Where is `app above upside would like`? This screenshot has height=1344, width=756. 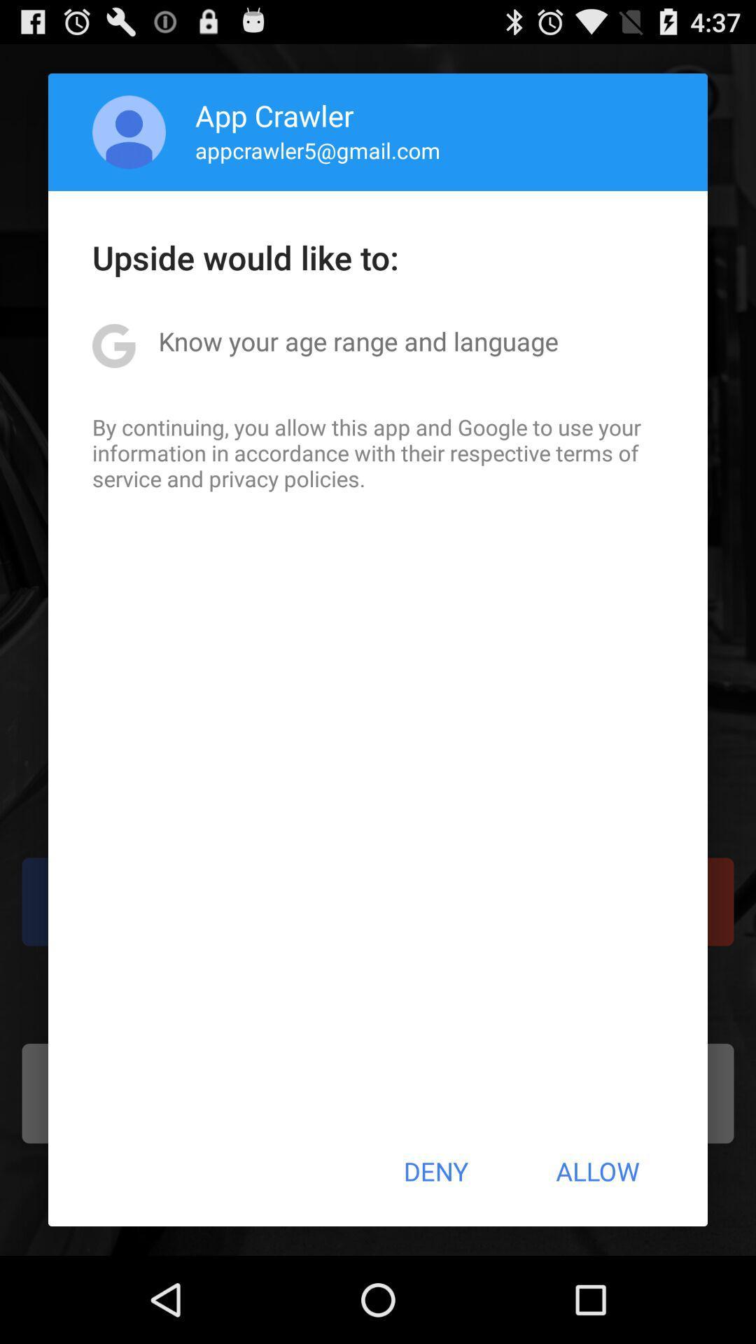 app above upside would like is located at coordinates (129, 132).